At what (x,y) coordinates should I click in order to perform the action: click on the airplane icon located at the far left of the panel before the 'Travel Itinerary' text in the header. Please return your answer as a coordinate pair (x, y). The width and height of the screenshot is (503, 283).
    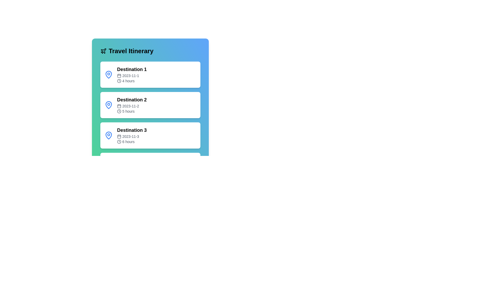
    Looking at the image, I should click on (103, 51).